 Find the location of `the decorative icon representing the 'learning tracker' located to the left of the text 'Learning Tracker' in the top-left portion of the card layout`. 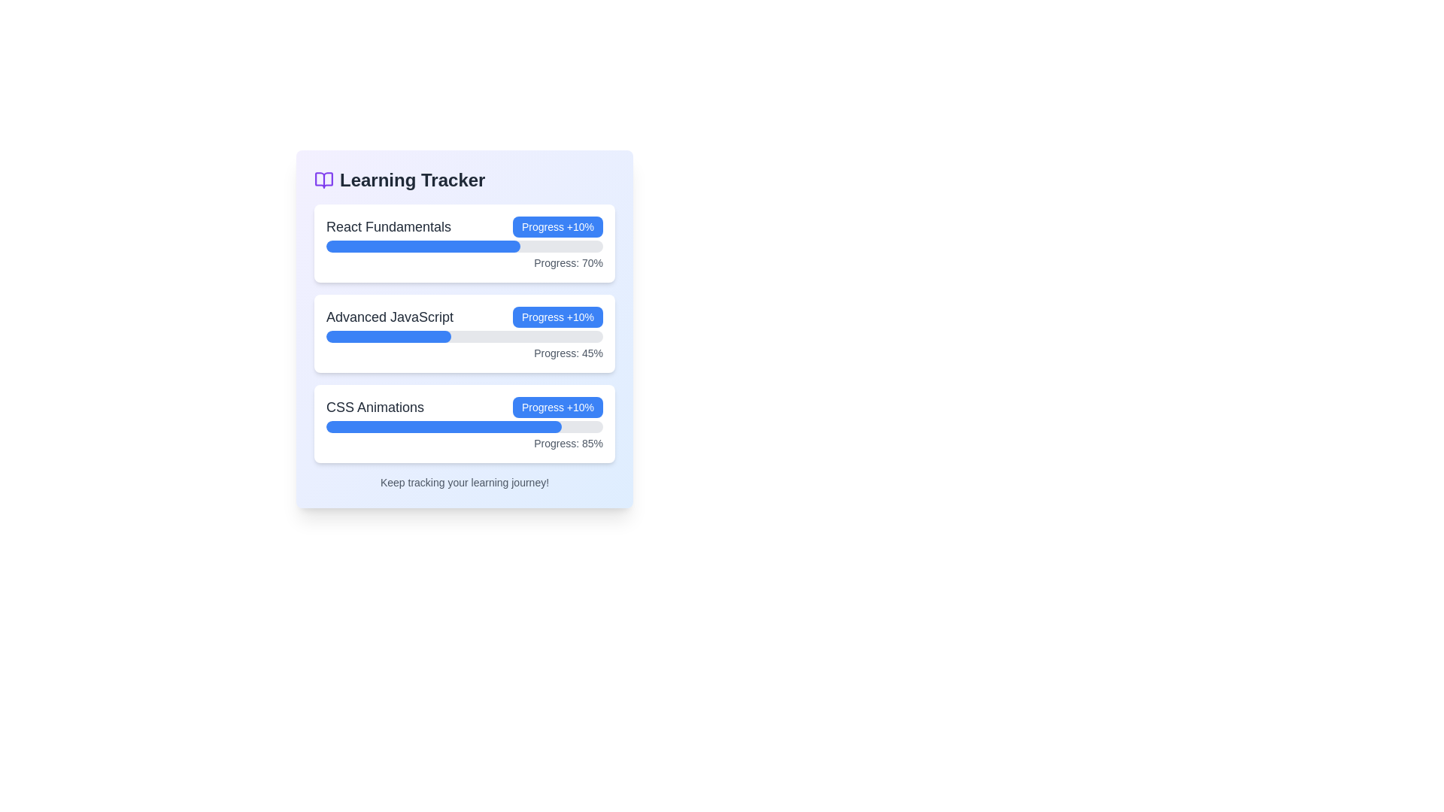

the decorative icon representing the 'learning tracker' located to the left of the text 'Learning Tracker' in the top-left portion of the card layout is located at coordinates (323, 179).